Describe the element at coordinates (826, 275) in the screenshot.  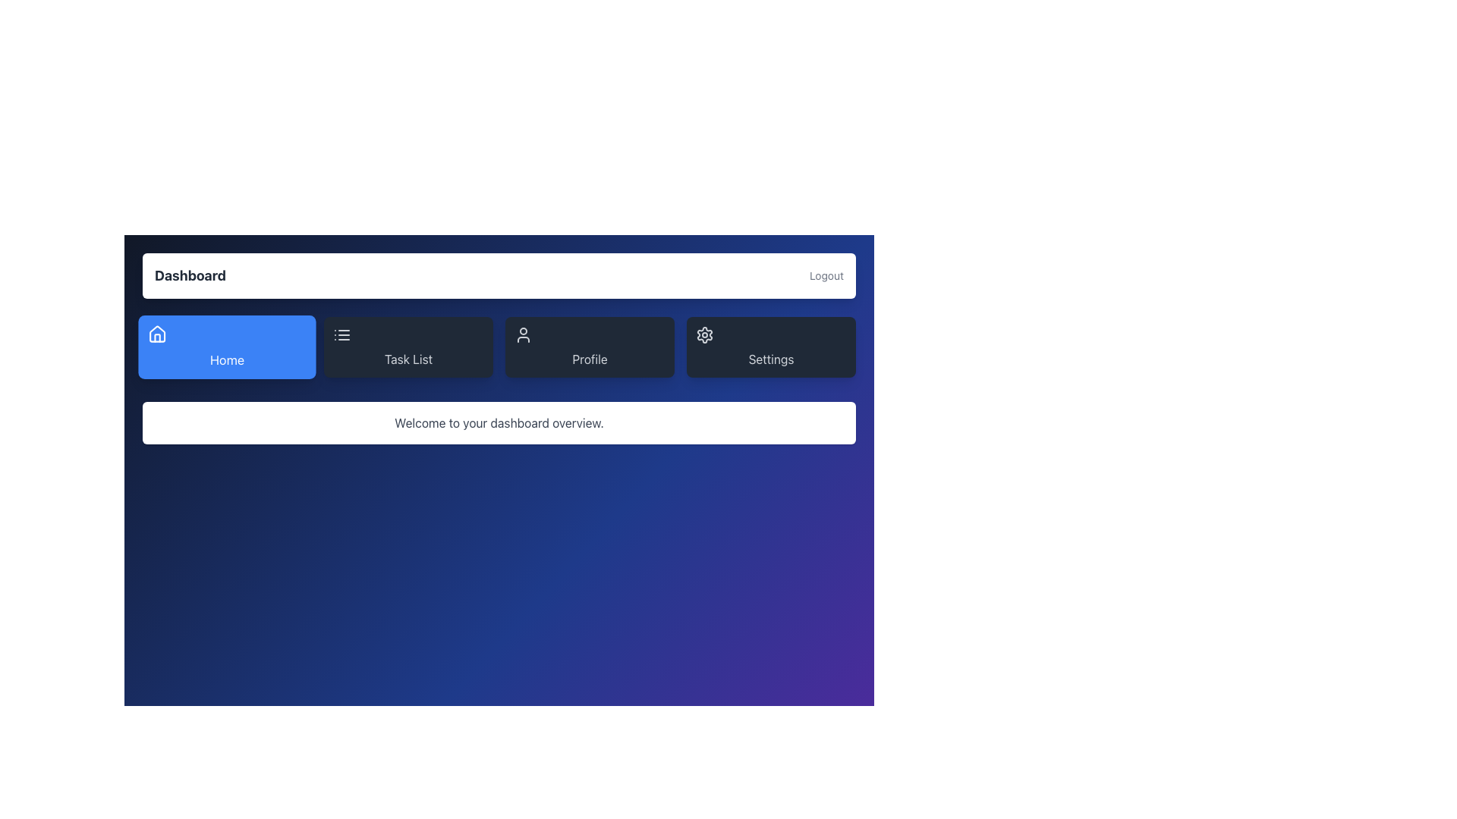
I see `the 'Logout' text link element located at the top-right of the section` at that location.